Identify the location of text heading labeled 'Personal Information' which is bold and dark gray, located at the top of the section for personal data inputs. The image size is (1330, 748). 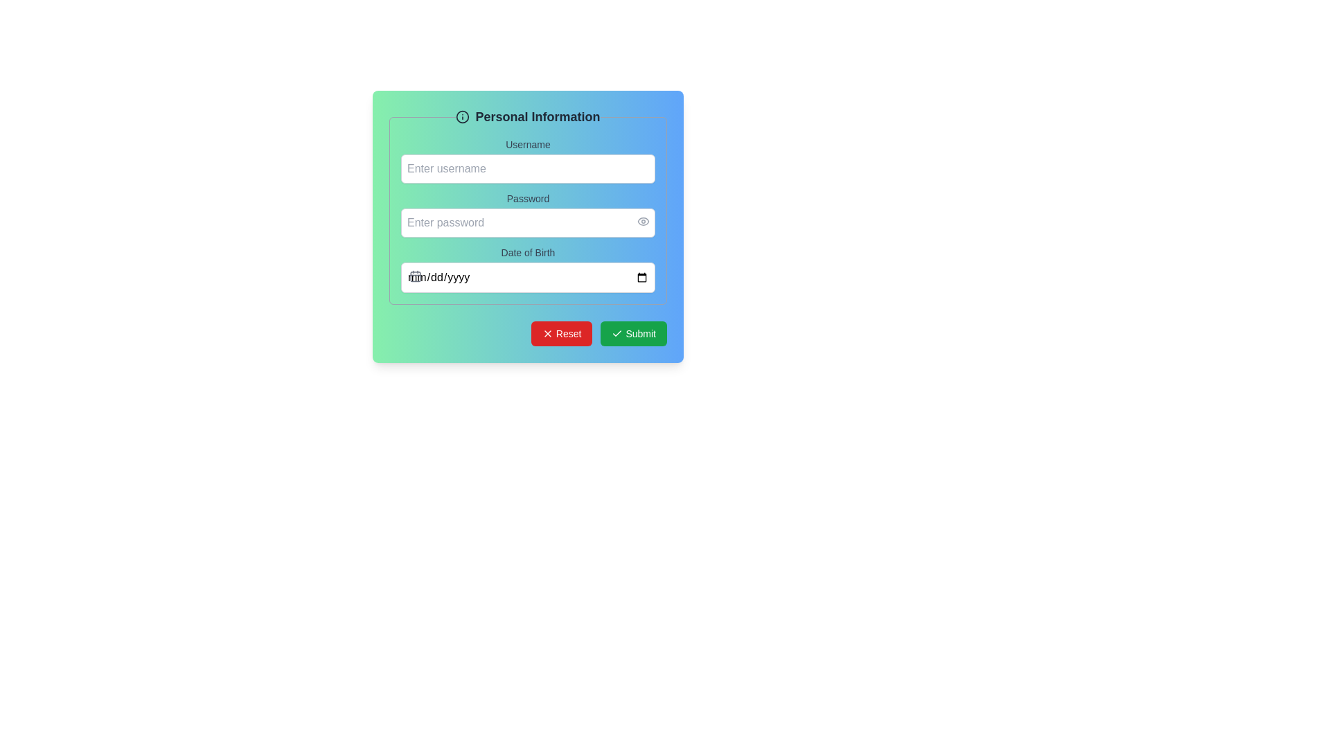
(527, 116).